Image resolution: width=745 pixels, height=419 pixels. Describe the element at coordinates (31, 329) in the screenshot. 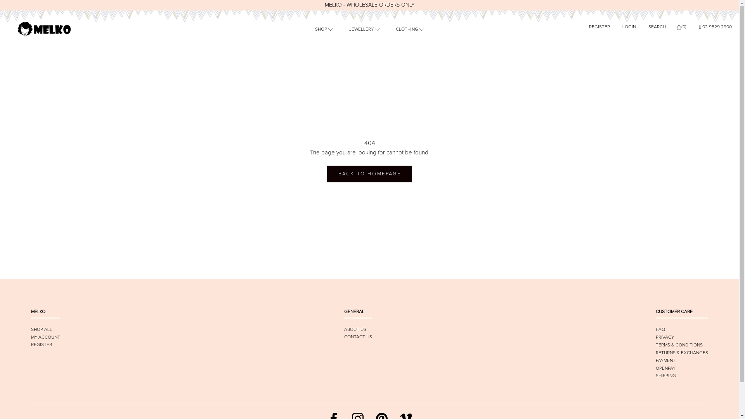

I see `'SHOP ALL'` at that location.